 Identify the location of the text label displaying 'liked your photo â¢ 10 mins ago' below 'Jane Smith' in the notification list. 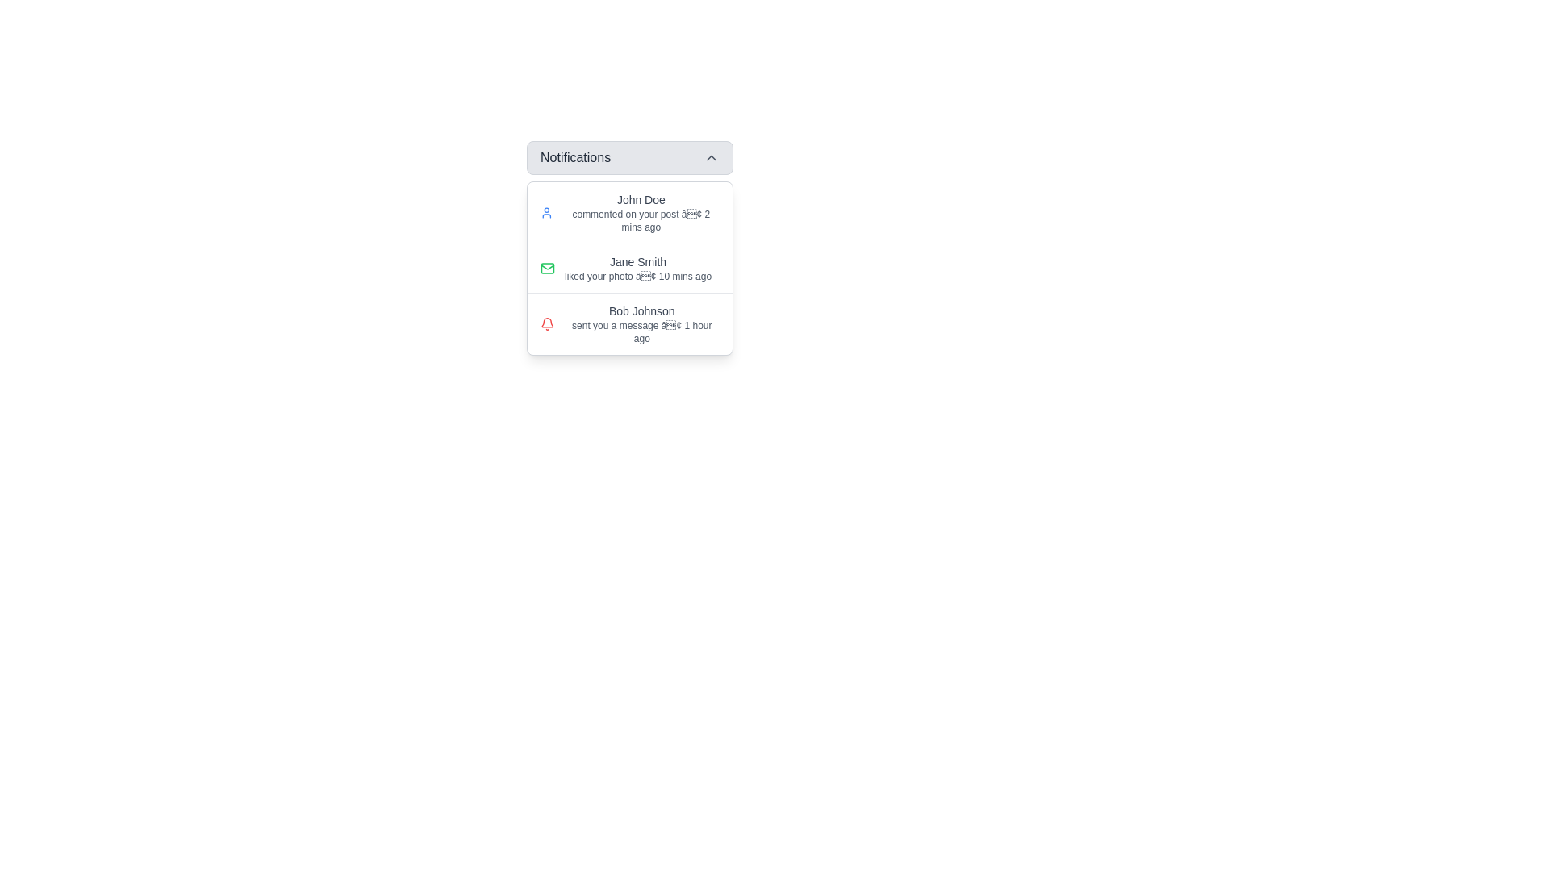
(637, 276).